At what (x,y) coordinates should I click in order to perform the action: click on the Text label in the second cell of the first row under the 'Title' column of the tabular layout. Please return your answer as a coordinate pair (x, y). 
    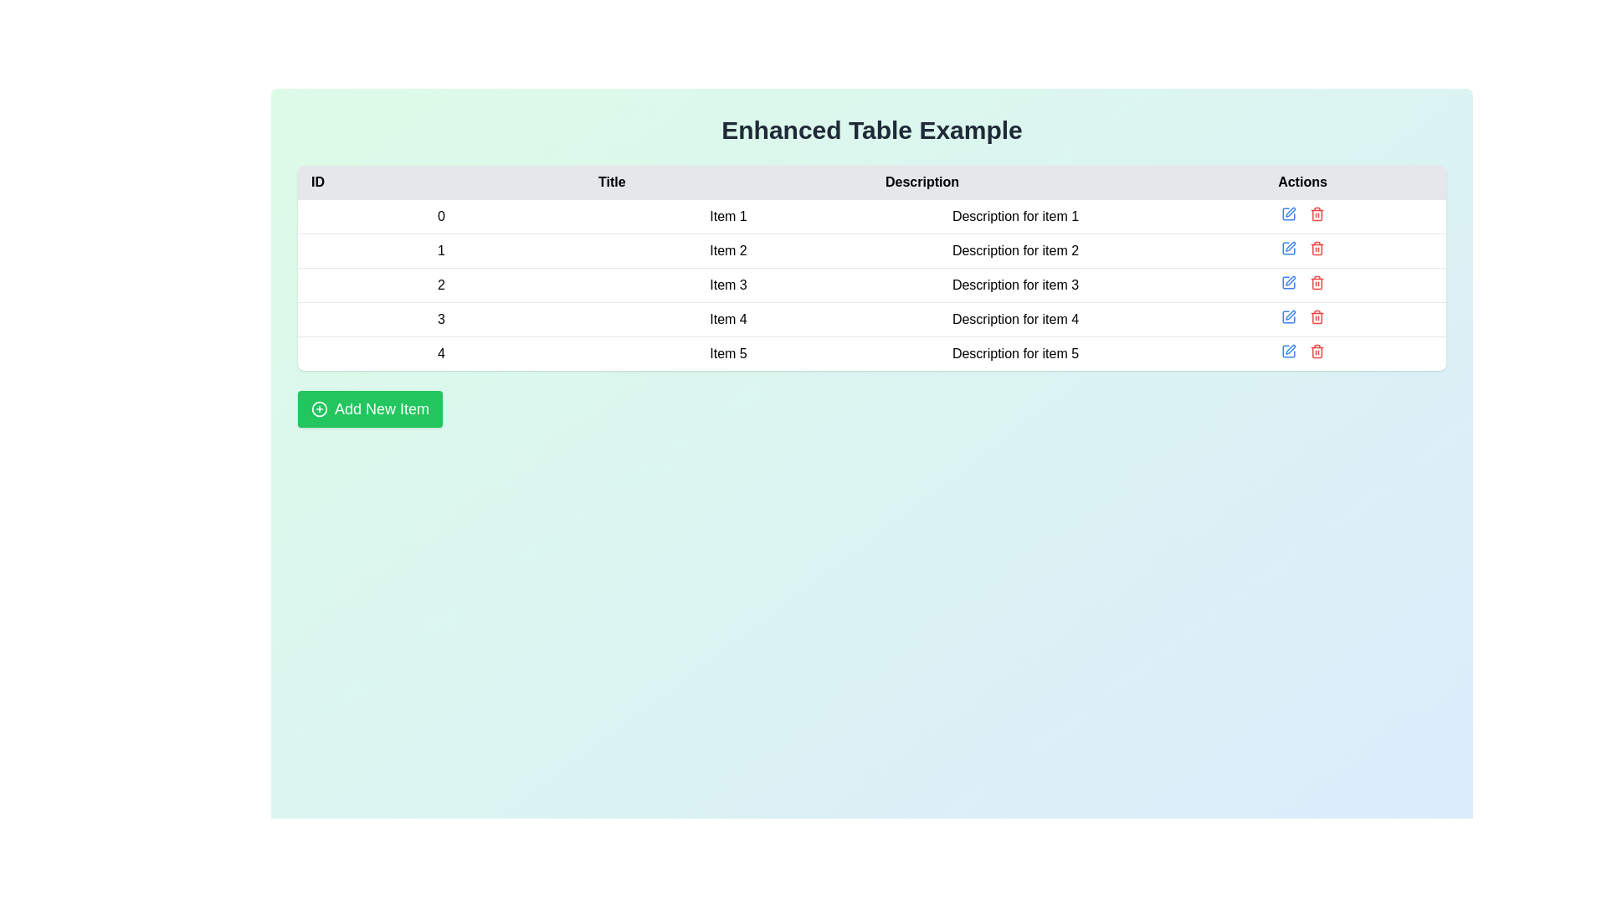
    Looking at the image, I should click on (728, 215).